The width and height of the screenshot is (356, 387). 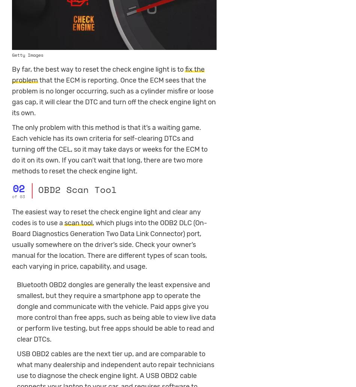 What do you see at coordinates (18, 188) in the screenshot?
I see `'02'` at bounding box center [18, 188].